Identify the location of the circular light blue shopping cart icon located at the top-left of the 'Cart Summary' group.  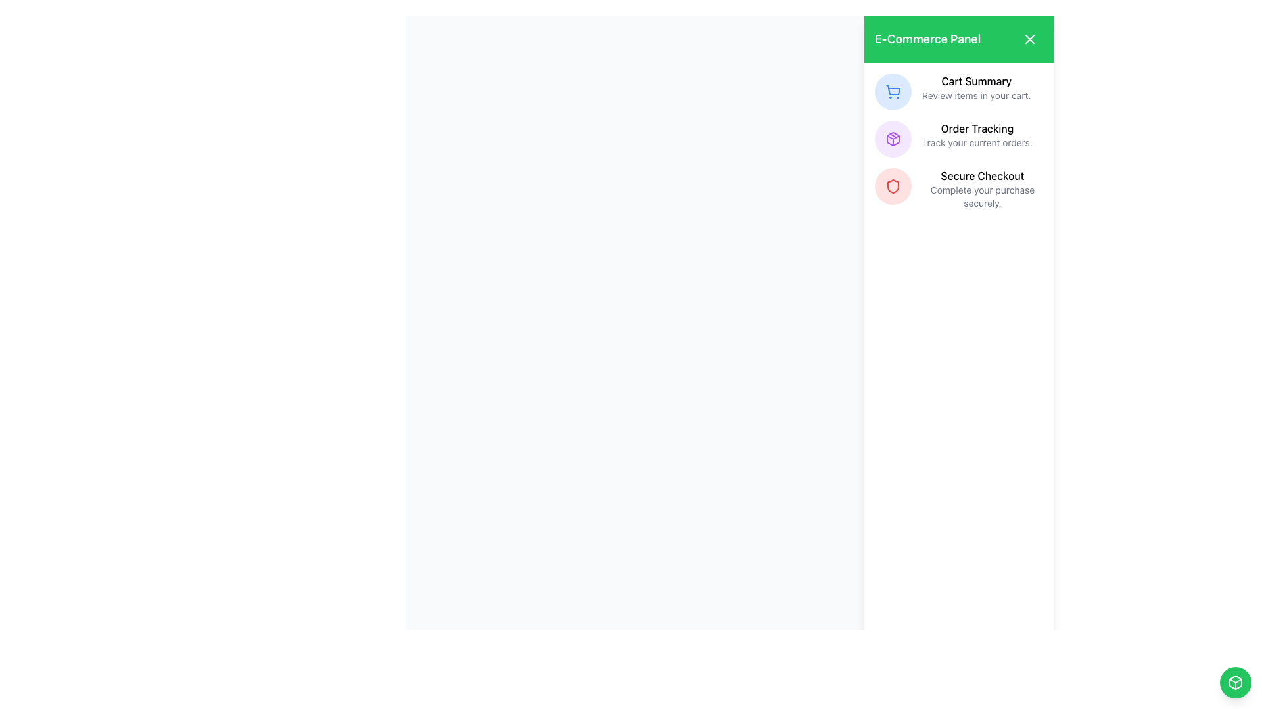
(893, 91).